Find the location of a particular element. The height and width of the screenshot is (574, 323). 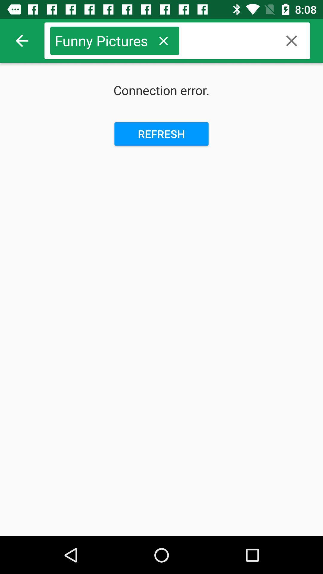

item to the right of the funny pictures icon is located at coordinates (163, 40).